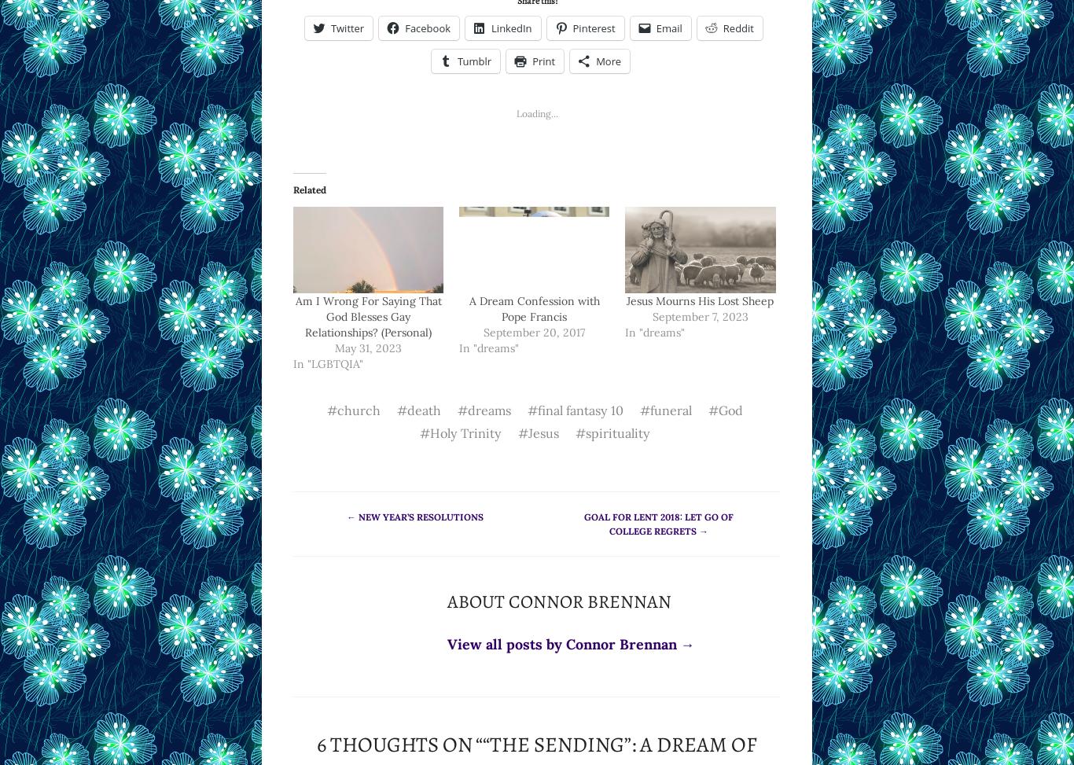 The width and height of the screenshot is (1074, 765). What do you see at coordinates (465, 432) in the screenshot?
I see `'Holy Trinity'` at bounding box center [465, 432].